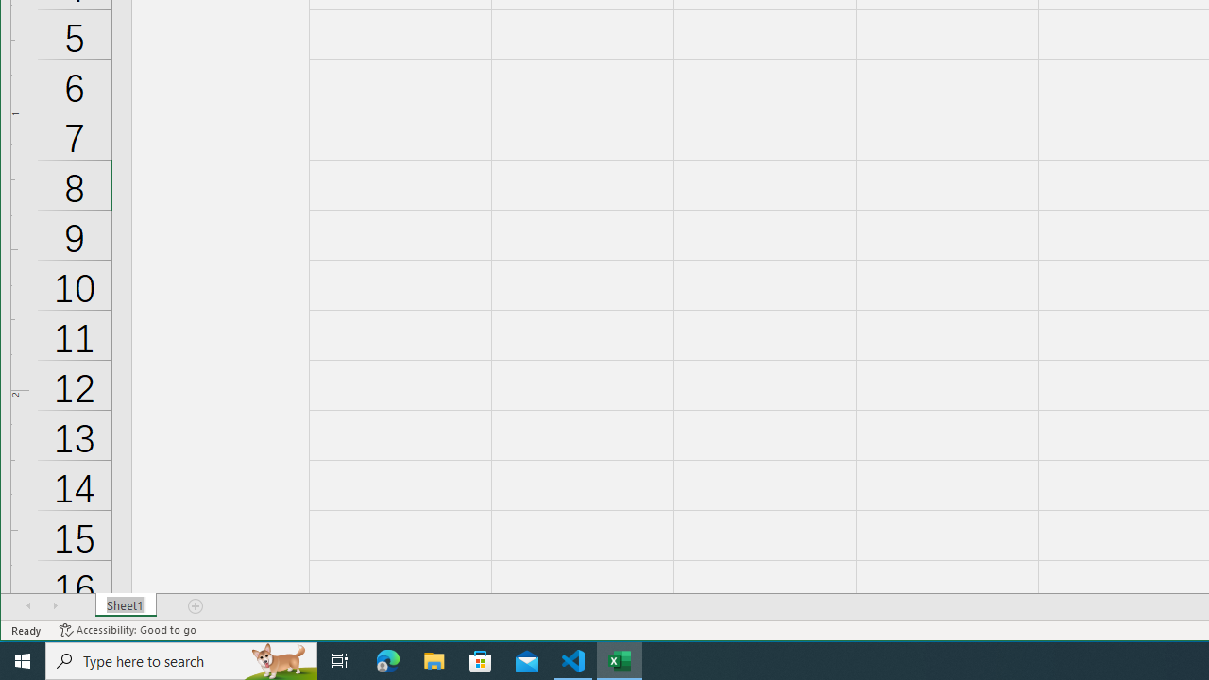  What do you see at coordinates (572, 659) in the screenshot?
I see `'Visual Studio Code - 1 running window'` at bounding box center [572, 659].